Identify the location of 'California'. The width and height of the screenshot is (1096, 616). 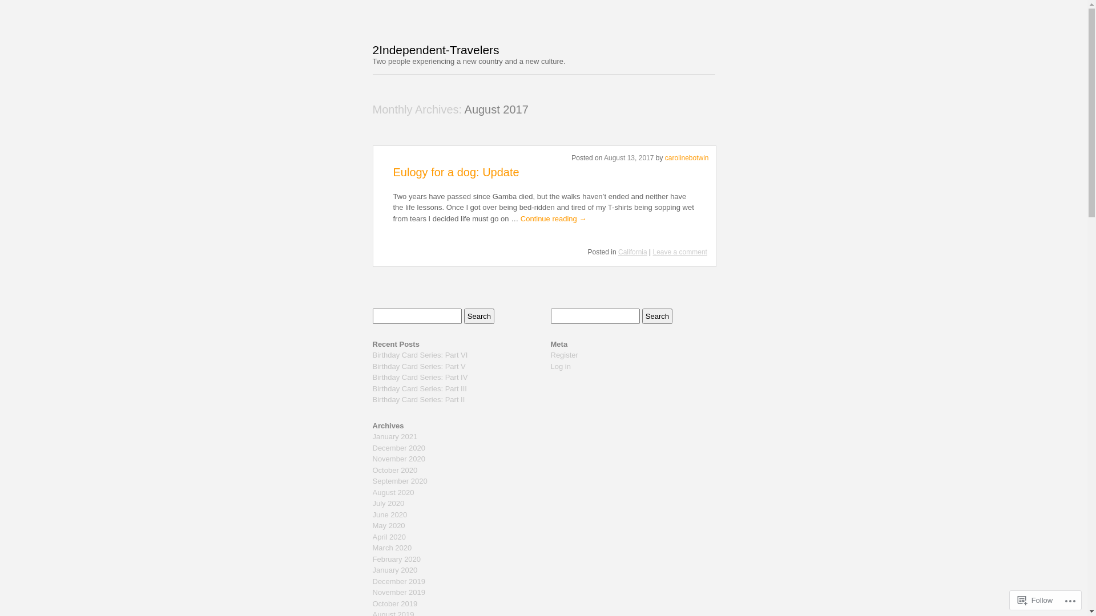
(618, 252).